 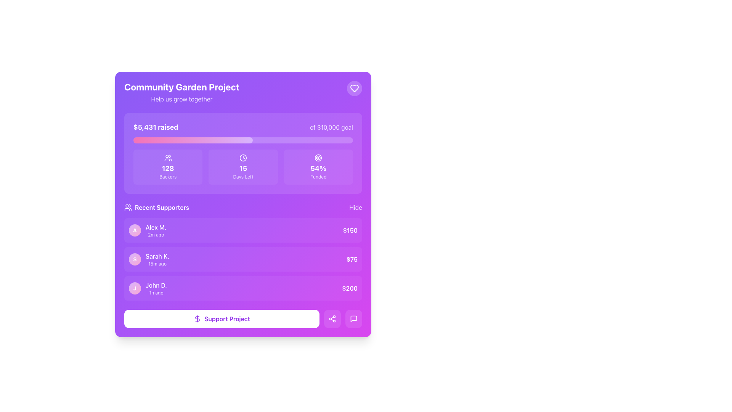 What do you see at coordinates (243, 259) in the screenshot?
I see `the second supporter entry in the list of recent supporters, which is located below 'Alex M. $150' and above 'John D. $200' in the purple panel` at bounding box center [243, 259].